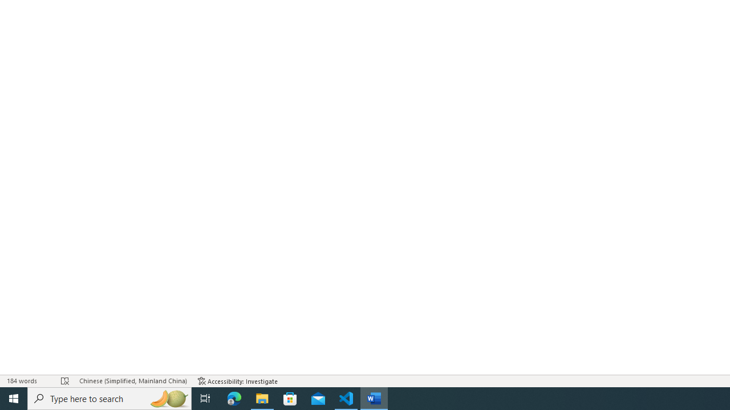  Describe the element at coordinates (64, 381) in the screenshot. I see `'Spelling and Grammar Check Errors'` at that location.